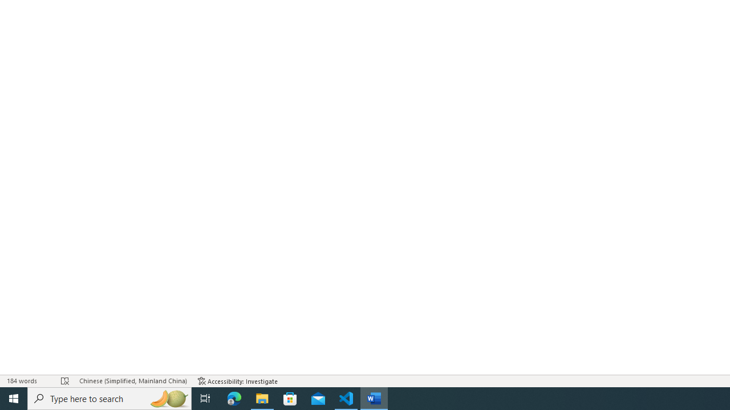  Describe the element at coordinates (64, 381) in the screenshot. I see `'Spelling and Grammar Check Errors'` at that location.